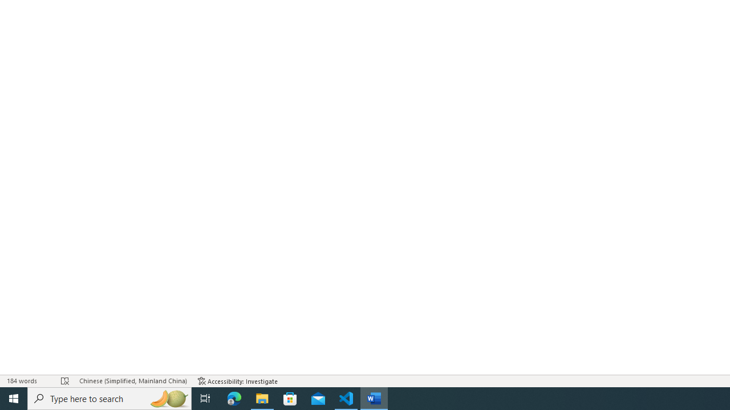  Describe the element at coordinates (64, 381) in the screenshot. I see `'Spelling and Grammar Check Errors'` at that location.